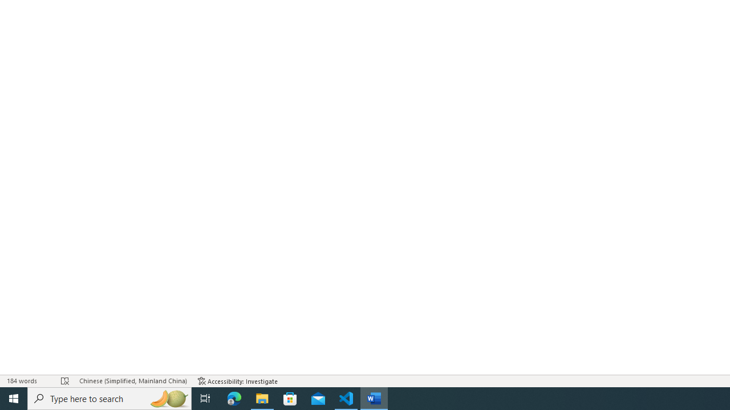  Describe the element at coordinates (64, 381) in the screenshot. I see `'Spelling and Grammar Check Errors'` at that location.